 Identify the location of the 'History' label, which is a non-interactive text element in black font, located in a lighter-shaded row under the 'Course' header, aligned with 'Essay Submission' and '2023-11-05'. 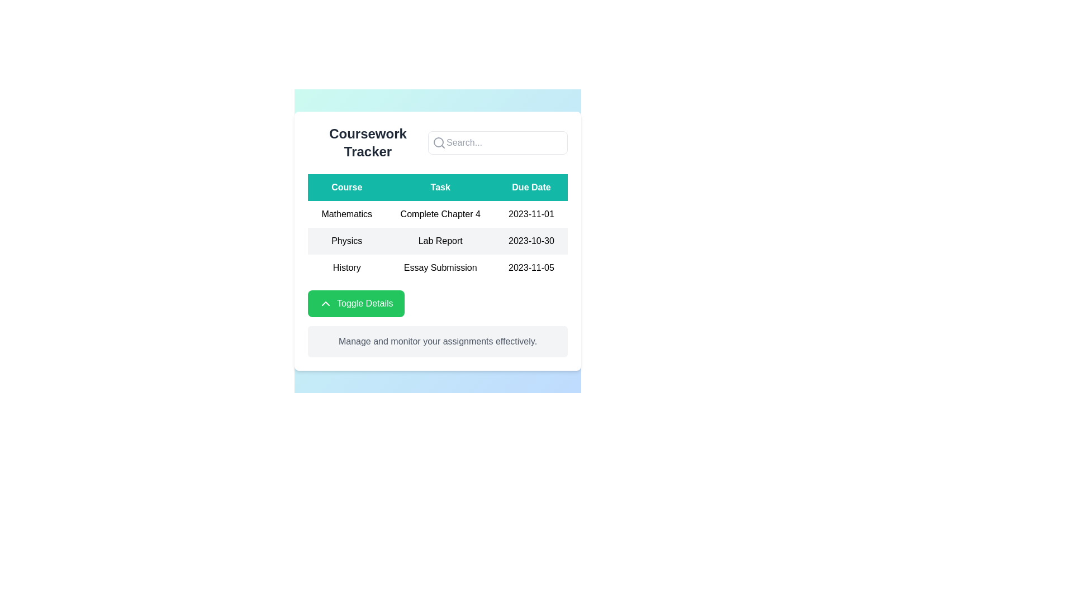
(346, 267).